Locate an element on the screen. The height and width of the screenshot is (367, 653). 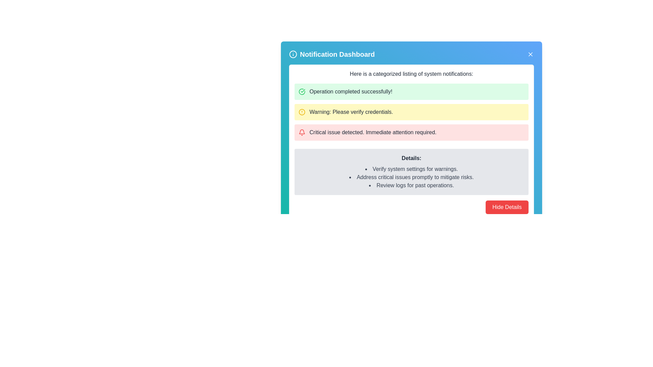
the first text list item that instructs the user to 'Verify system settings for warnings.' This item is located under the 'Details' section as the first bullet point is located at coordinates (411, 169).